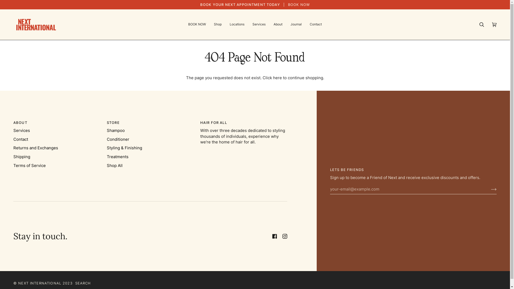  Describe the element at coordinates (115, 131) in the screenshot. I see `'Shampoo'` at that location.